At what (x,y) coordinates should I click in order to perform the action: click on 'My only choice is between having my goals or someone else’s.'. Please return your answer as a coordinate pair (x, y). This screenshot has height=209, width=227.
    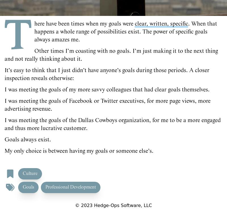
    Looking at the image, I should click on (79, 151).